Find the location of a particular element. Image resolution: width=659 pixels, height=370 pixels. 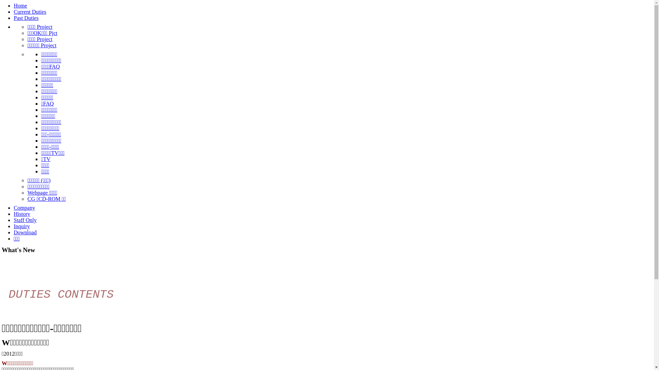

'History' is located at coordinates (22, 213).